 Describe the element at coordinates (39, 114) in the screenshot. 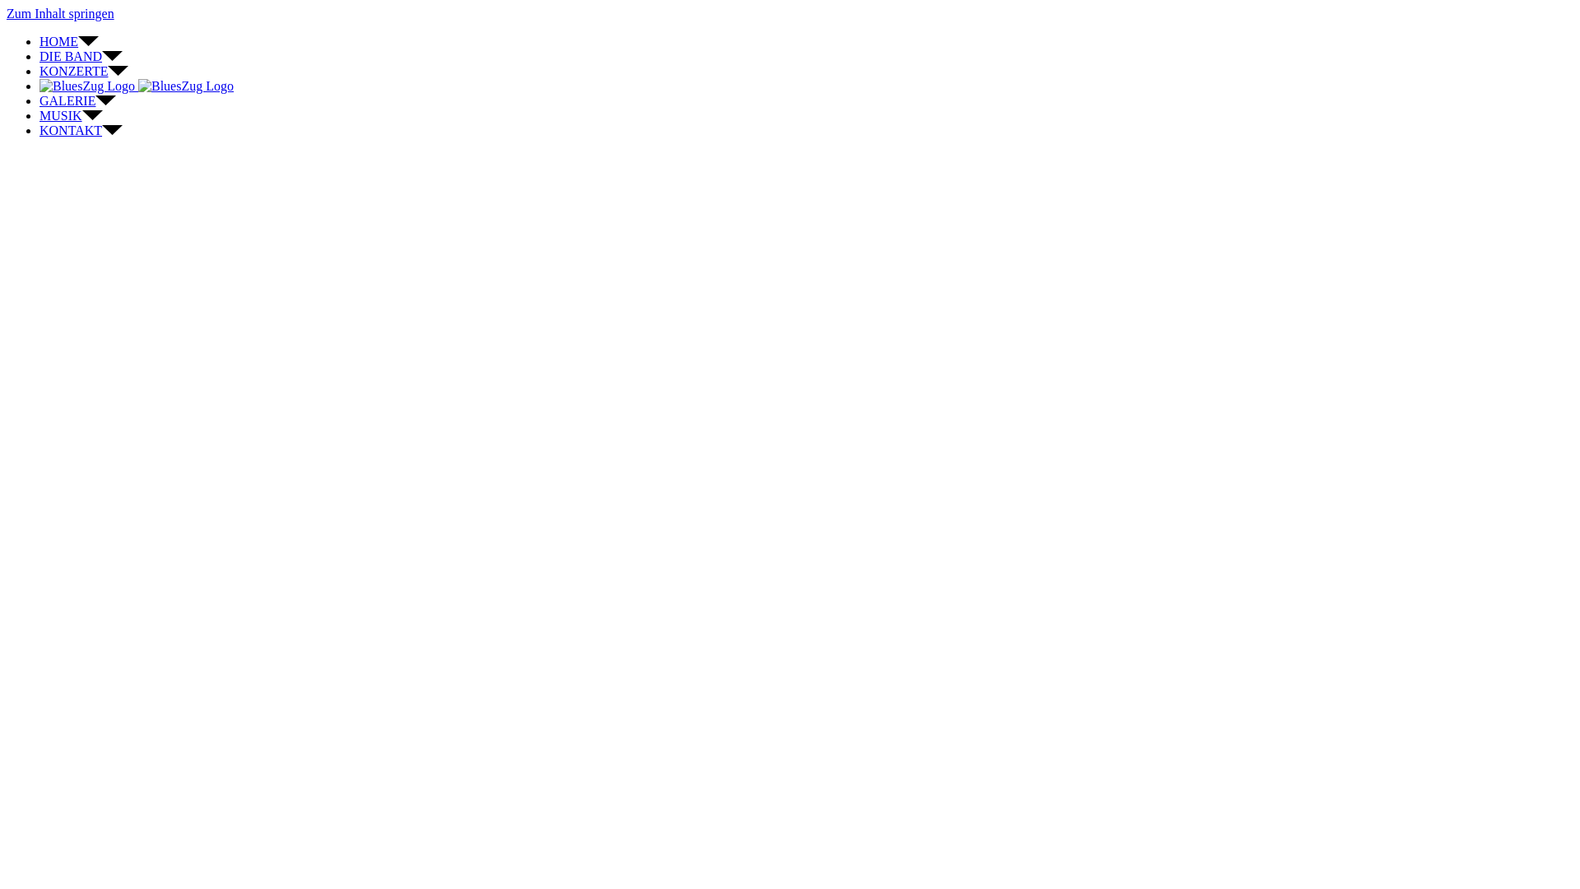

I see `'MUSIK'` at that location.